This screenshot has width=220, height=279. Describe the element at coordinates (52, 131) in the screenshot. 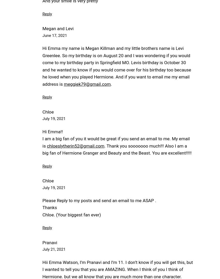

I see `'Hi Emma!!'` at that location.